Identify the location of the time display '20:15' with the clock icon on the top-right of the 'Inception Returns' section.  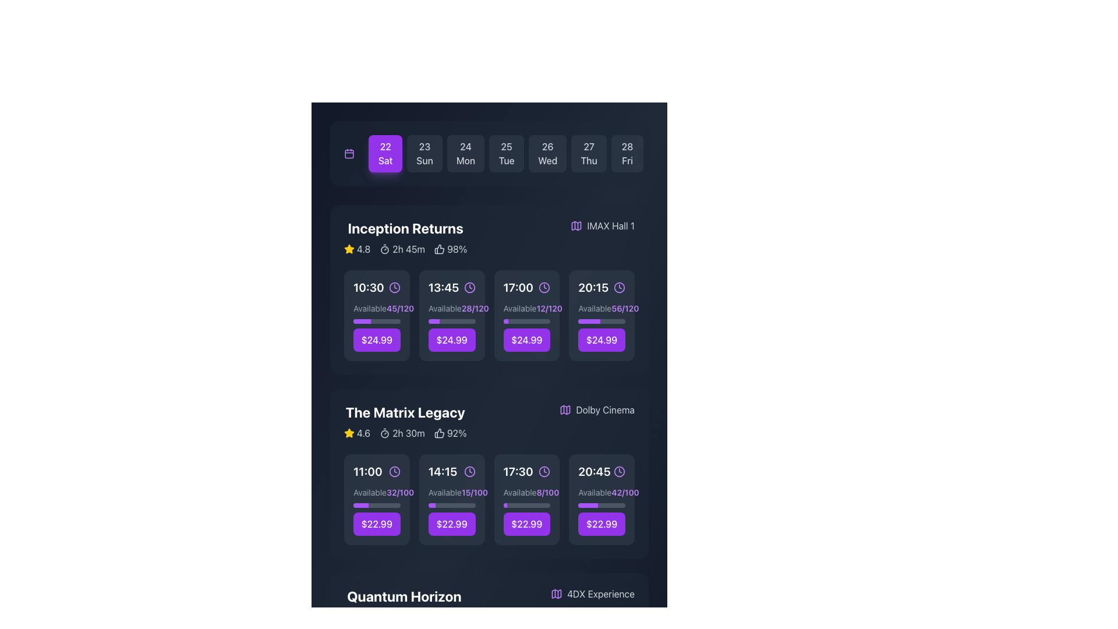
(602, 287).